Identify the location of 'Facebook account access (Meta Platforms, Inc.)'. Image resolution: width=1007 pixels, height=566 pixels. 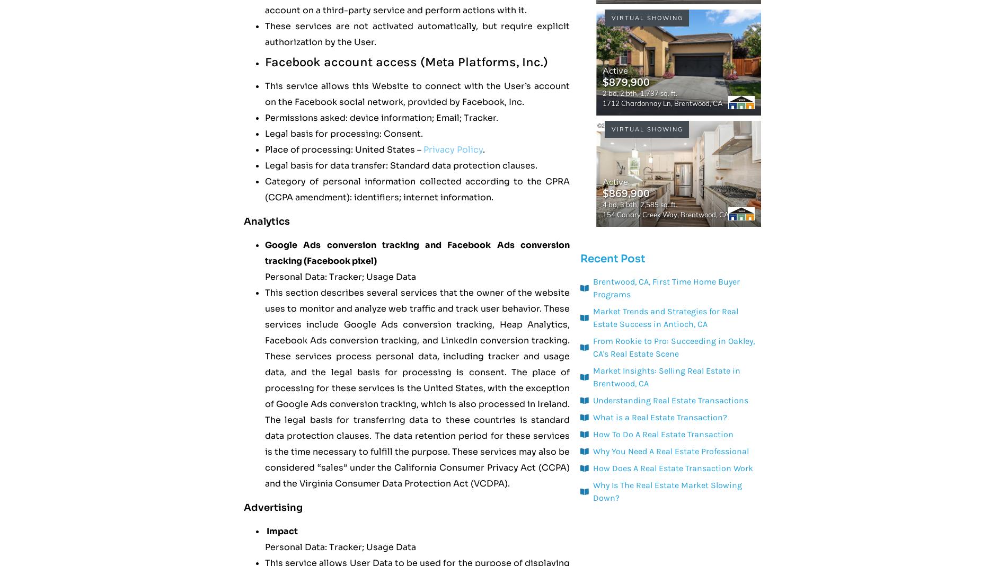
(406, 61).